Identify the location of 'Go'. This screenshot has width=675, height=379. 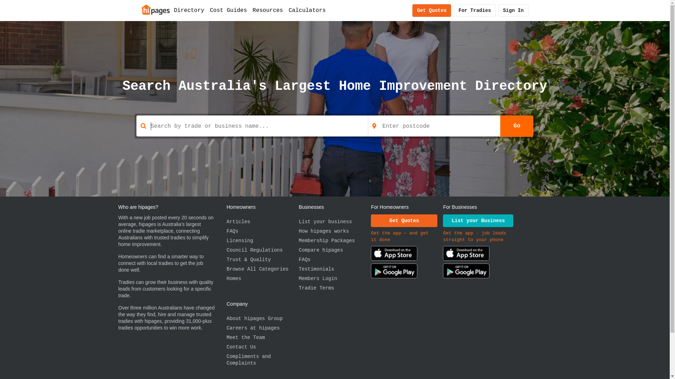
(516, 125).